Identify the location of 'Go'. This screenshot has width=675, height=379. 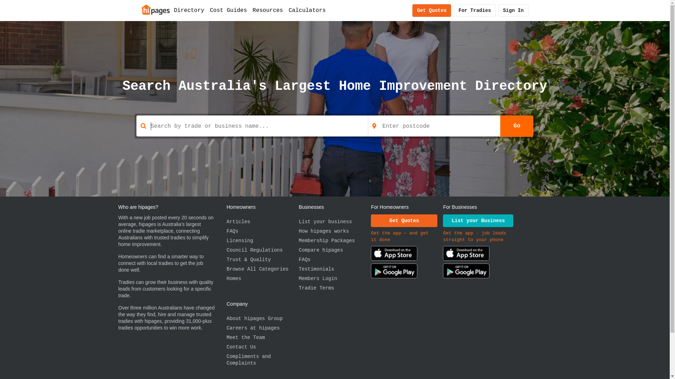
(516, 125).